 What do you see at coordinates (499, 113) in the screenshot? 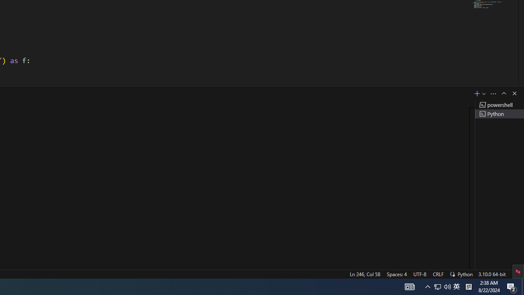
I see `'Terminal 5 Python'` at bounding box center [499, 113].